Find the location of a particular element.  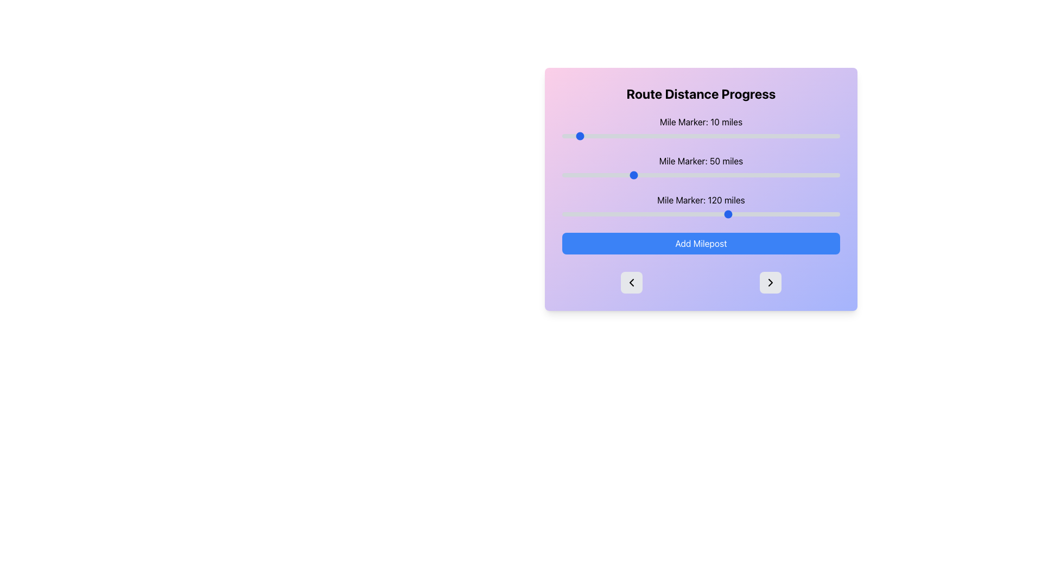

the slider control that allows users to adjust the mile marker, currently set to 50 miles is located at coordinates (701, 175).